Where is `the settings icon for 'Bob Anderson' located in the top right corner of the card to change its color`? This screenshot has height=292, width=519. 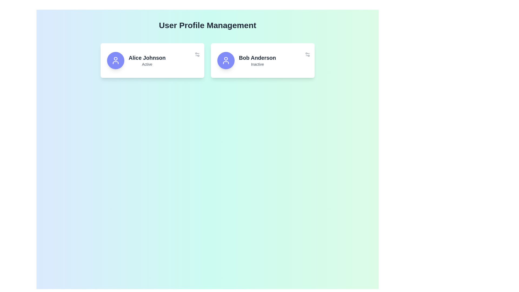 the settings icon for 'Bob Anderson' located in the top right corner of the card to change its color is located at coordinates (307, 54).